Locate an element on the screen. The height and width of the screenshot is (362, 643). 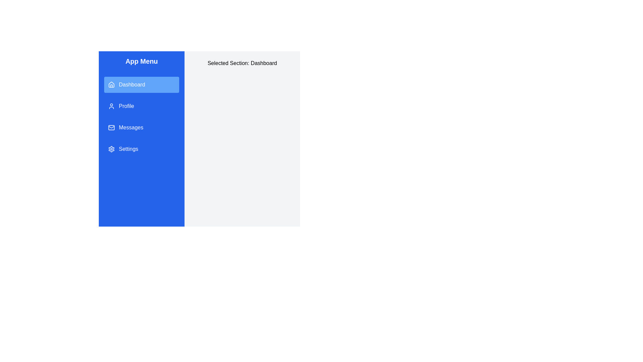
the menu item Dashboard is located at coordinates (141, 84).